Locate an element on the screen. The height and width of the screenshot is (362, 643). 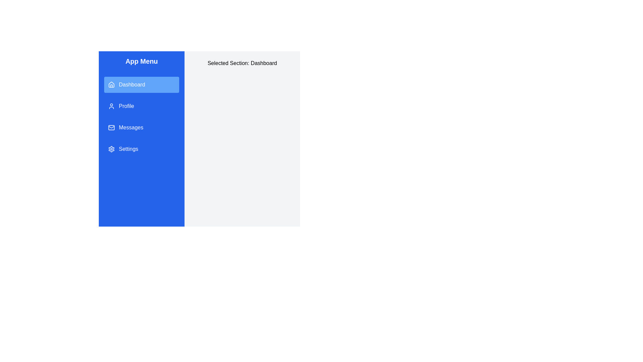
the menu item Dashboard is located at coordinates (141, 84).